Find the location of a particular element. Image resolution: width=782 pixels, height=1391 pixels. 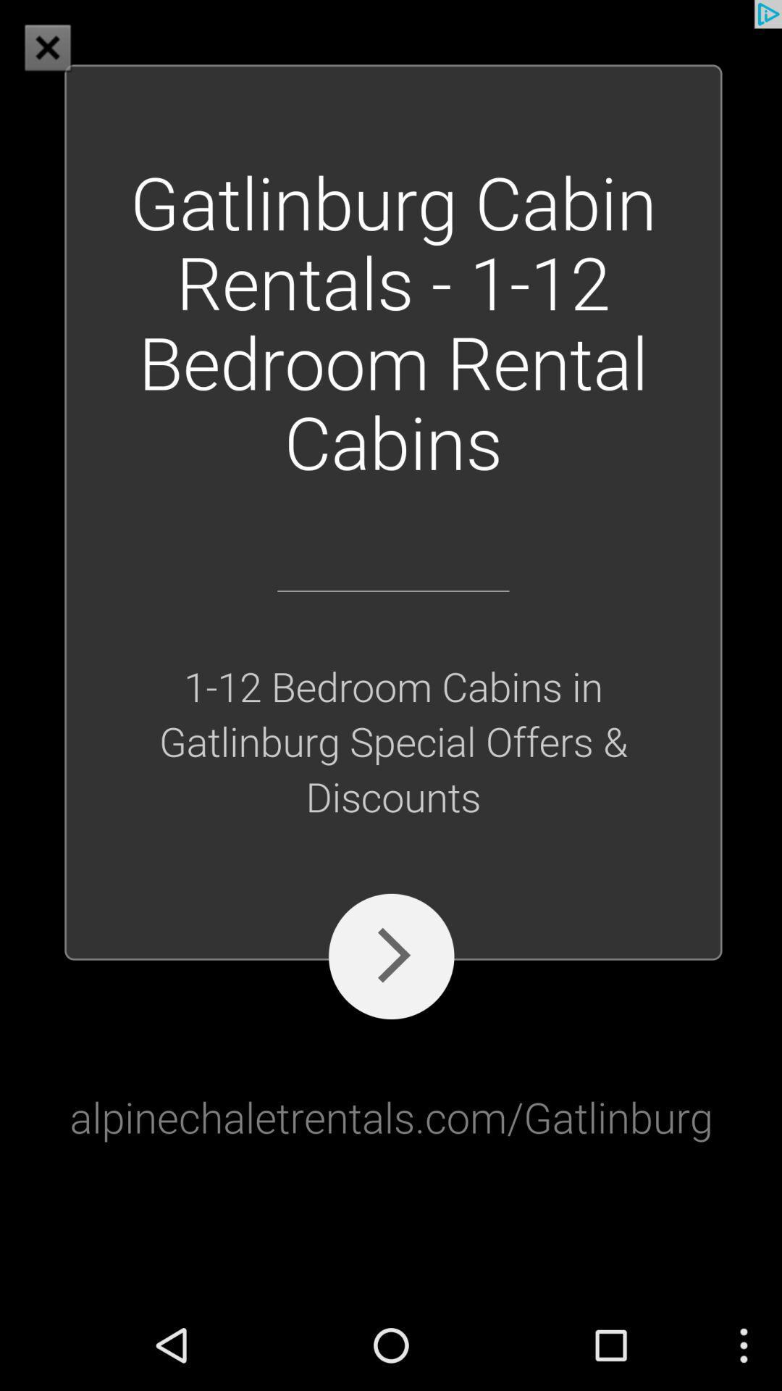

the close icon is located at coordinates (46, 51).